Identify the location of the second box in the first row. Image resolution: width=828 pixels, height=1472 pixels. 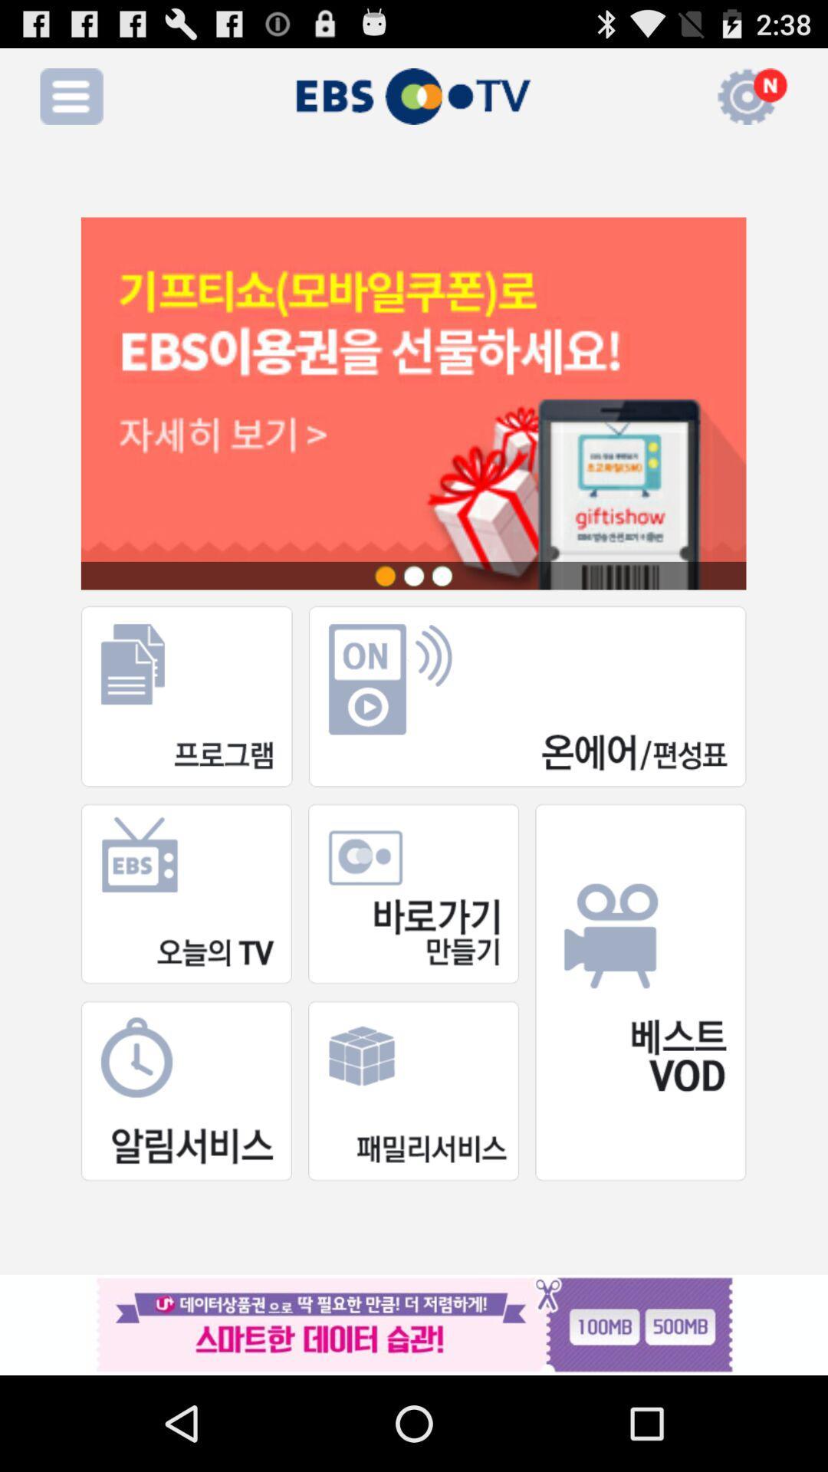
(527, 695).